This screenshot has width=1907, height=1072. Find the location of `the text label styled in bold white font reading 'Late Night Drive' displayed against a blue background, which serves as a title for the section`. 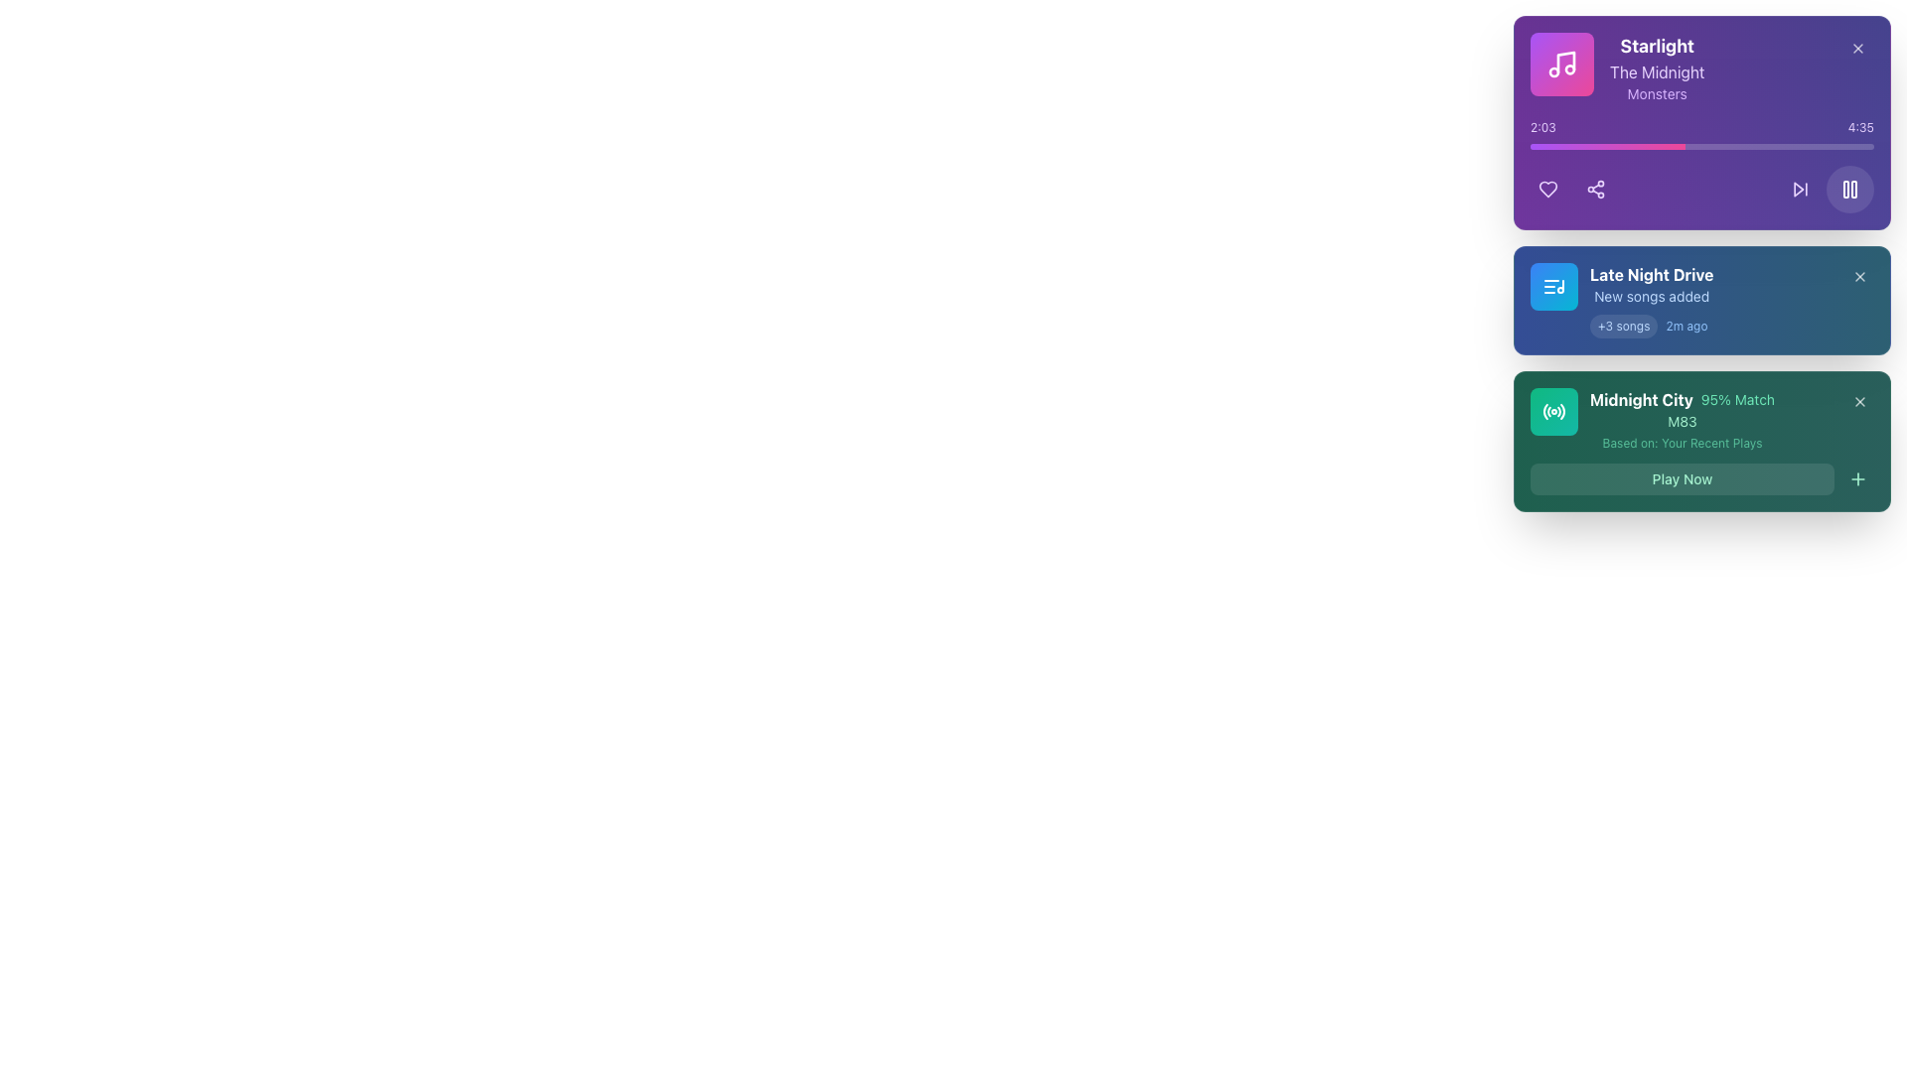

the text label styled in bold white font reading 'Late Night Drive' displayed against a blue background, which serves as a title for the section is located at coordinates (1652, 275).